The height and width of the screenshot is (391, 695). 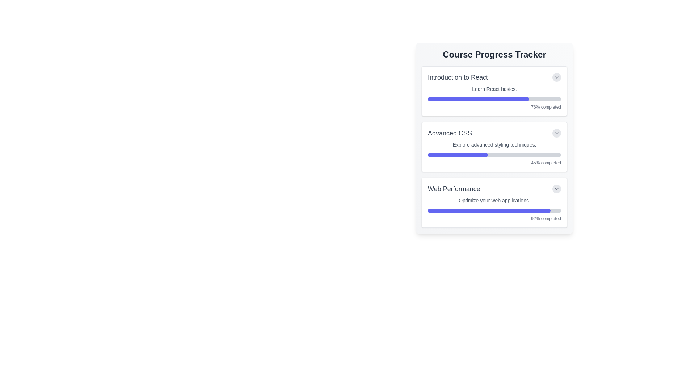 What do you see at coordinates (478, 99) in the screenshot?
I see `the progress bar indicating 76% completion for the 'Introduction to React' course` at bounding box center [478, 99].